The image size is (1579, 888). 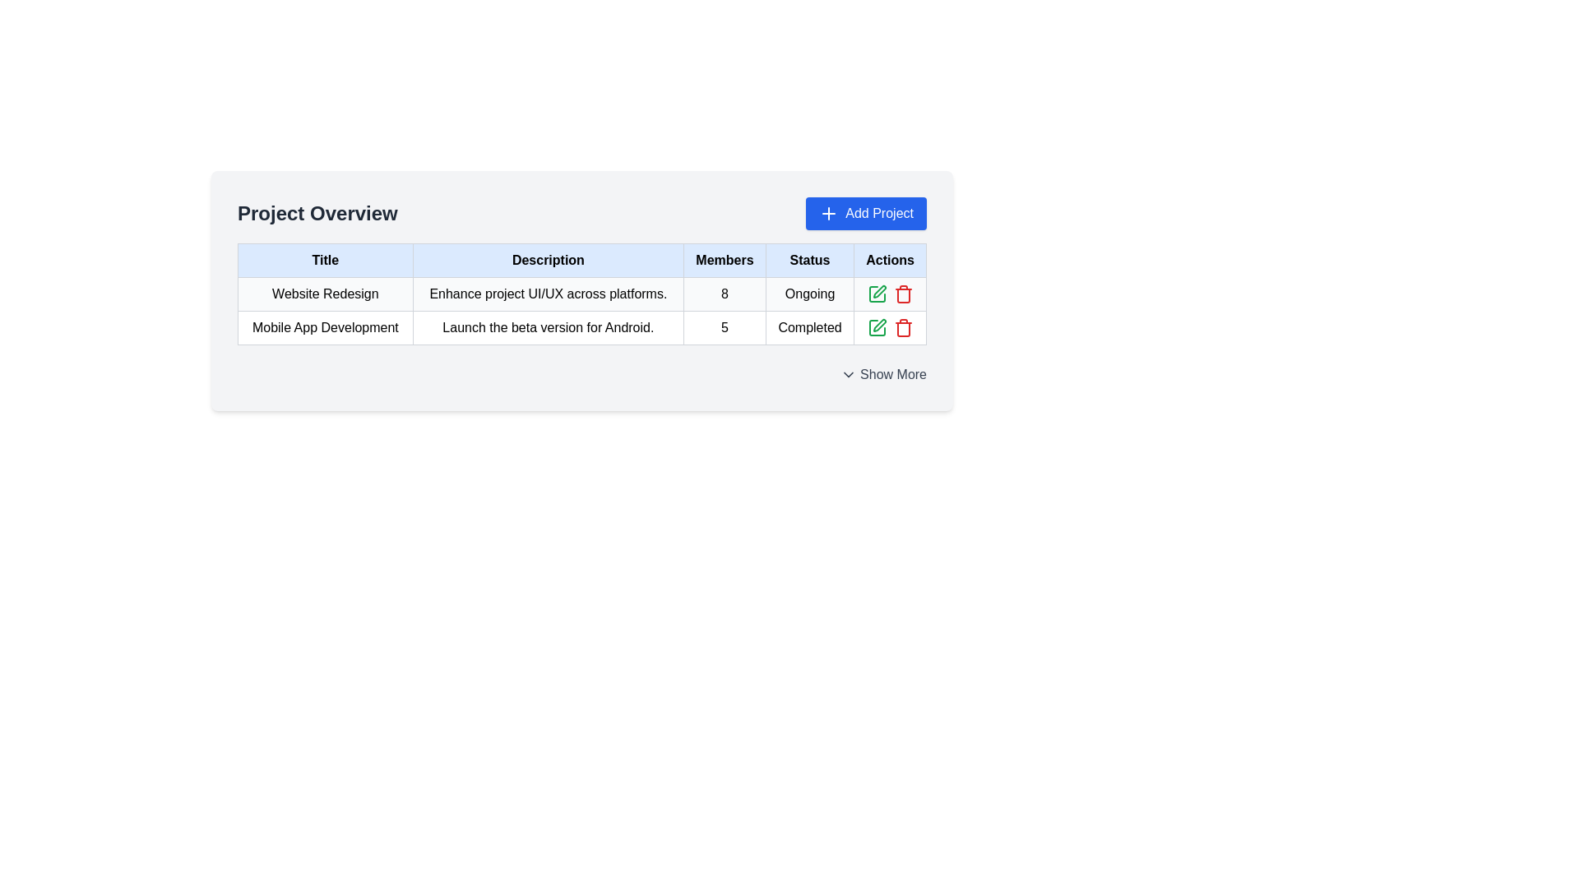 I want to click on the Chevron Down icon, which is located to the right of the 'Show More' text at the bottom-right corner of the card interface, so click(x=849, y=374).